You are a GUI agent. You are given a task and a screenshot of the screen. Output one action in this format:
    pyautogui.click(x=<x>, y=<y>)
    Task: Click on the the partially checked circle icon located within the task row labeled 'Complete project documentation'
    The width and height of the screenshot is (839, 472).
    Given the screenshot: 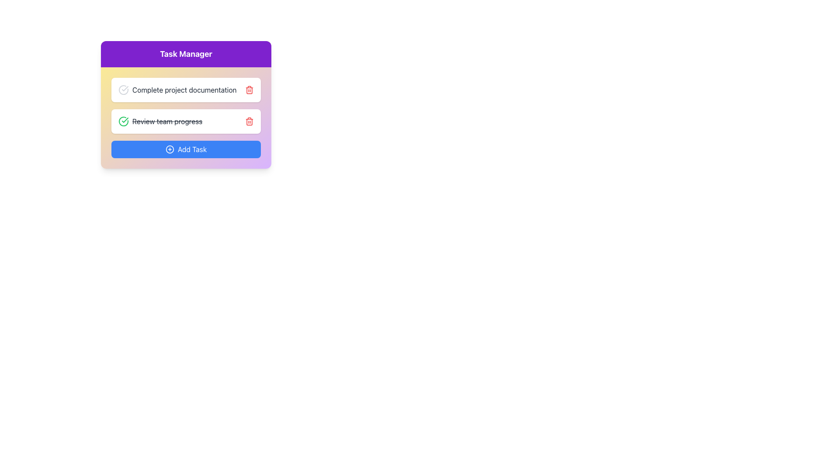 What is the action you would take?
    pyautogui.click(x=123, y=90)
    